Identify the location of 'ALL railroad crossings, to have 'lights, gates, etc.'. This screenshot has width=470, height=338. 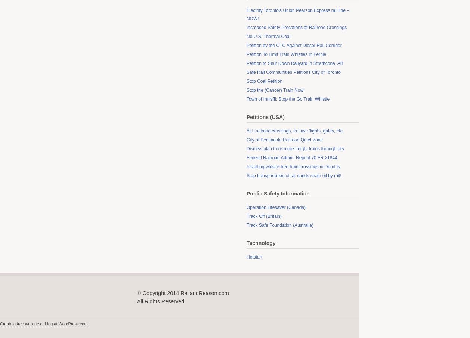
(295, 131).